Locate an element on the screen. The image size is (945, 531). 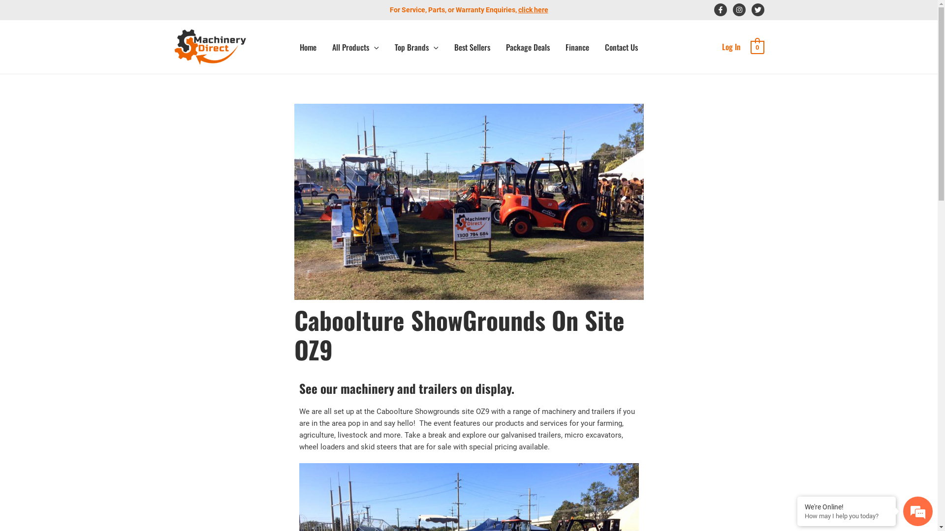
'Top Brands' is located at coordinates (416, 47).